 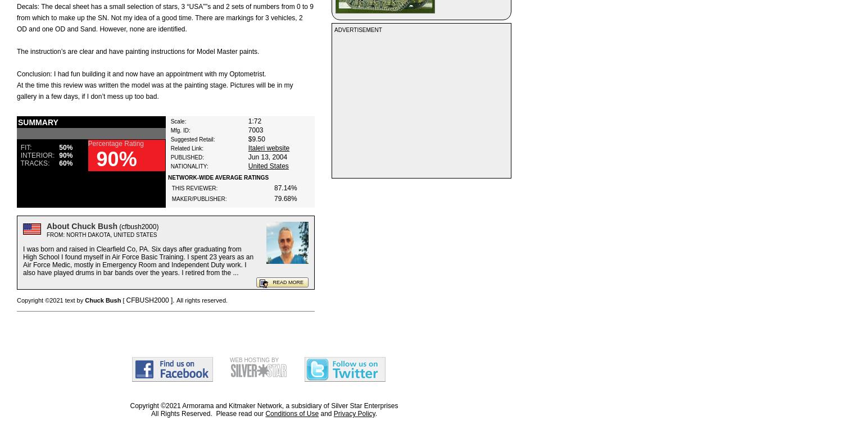 What do you see at coordinates (179, 405) in the screenshot?
I see `'Copyright ©2021 Armorama and'` at bounding box center [179, 405].